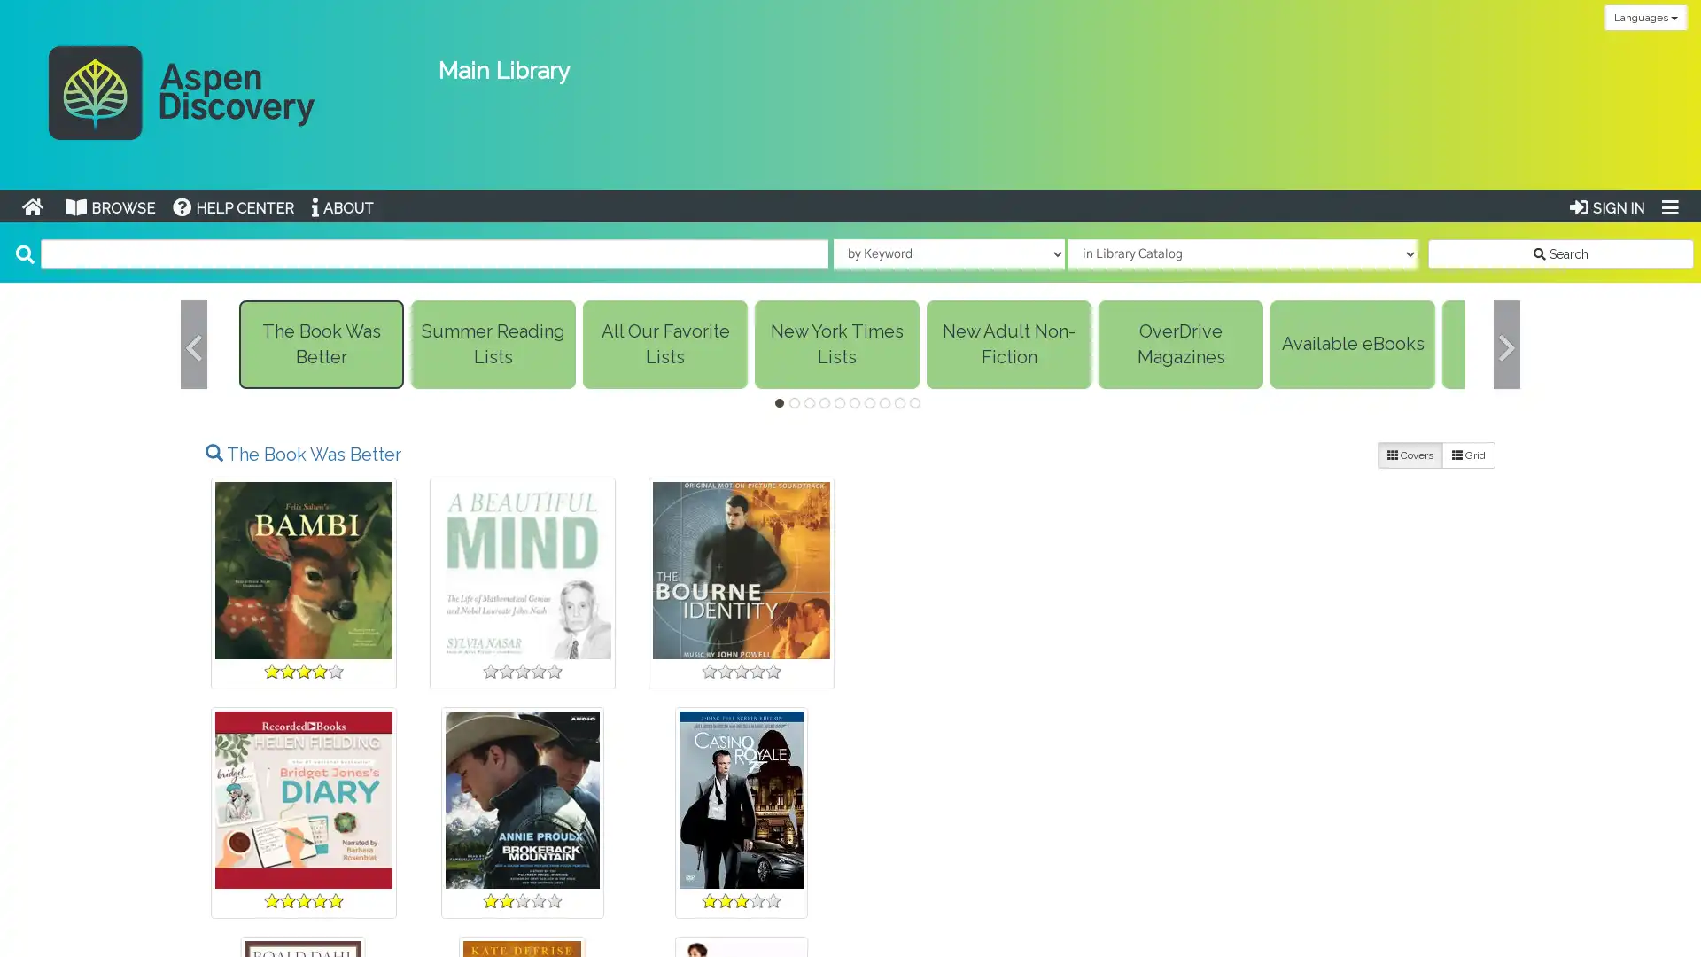  What do you see at coordinates (959, 902) in the screenshot?
I see `Write a Review` at bounding box center [959, 902].